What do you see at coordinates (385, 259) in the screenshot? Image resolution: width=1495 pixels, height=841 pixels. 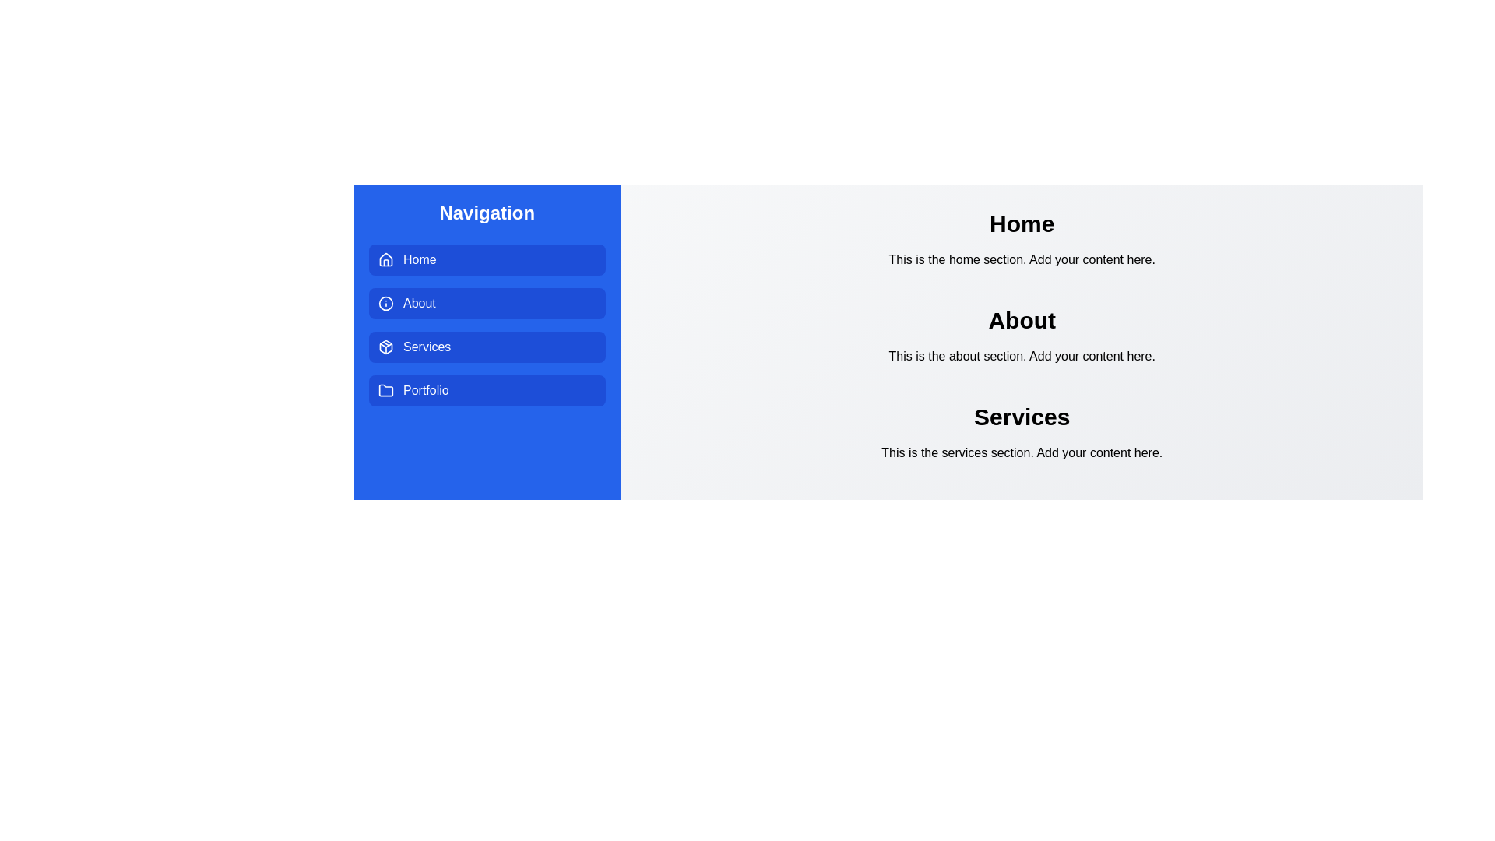 I see `the 'Home' icon in the navigation menu located on the left side of the interface` at bounding box center [385, 259].